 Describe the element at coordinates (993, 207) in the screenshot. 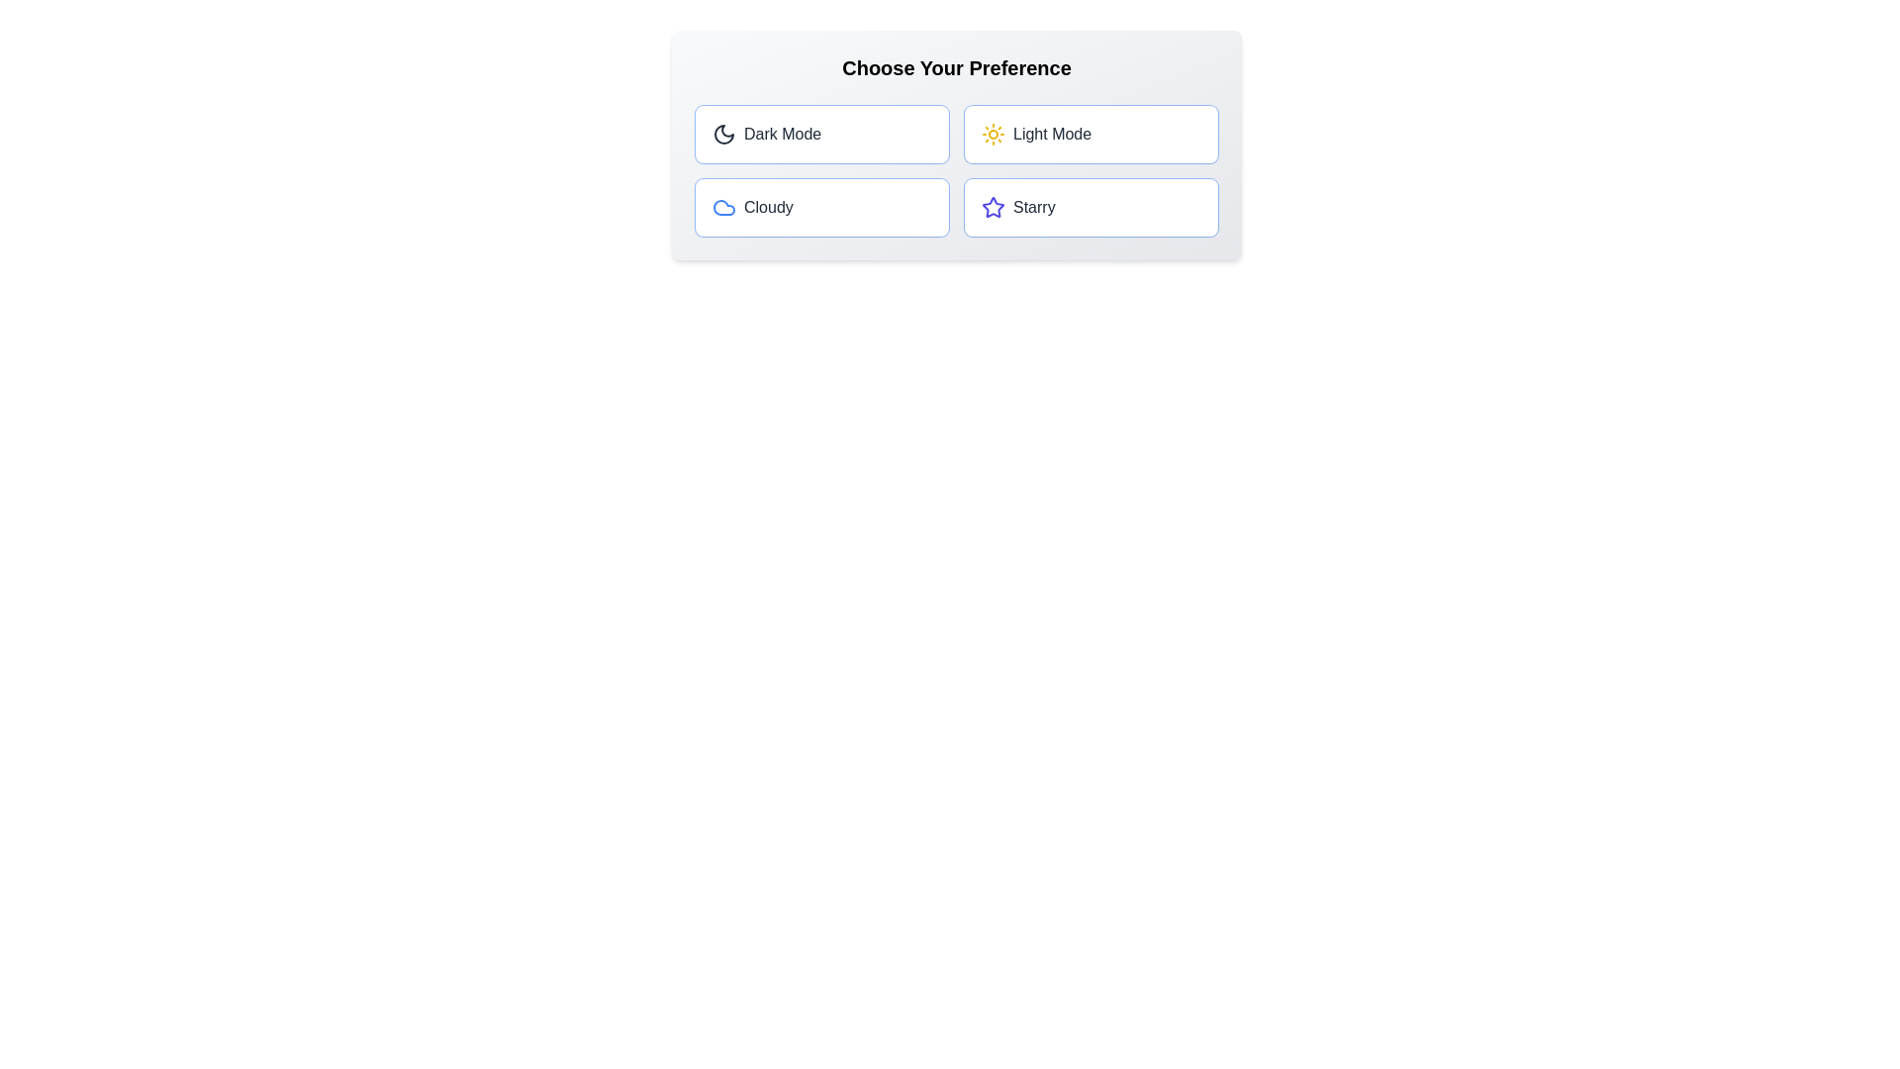

I see `the indigo star icon with a distinct stroke design located to the left of the 'Starry' text label within the 'Starry' button` at that location.